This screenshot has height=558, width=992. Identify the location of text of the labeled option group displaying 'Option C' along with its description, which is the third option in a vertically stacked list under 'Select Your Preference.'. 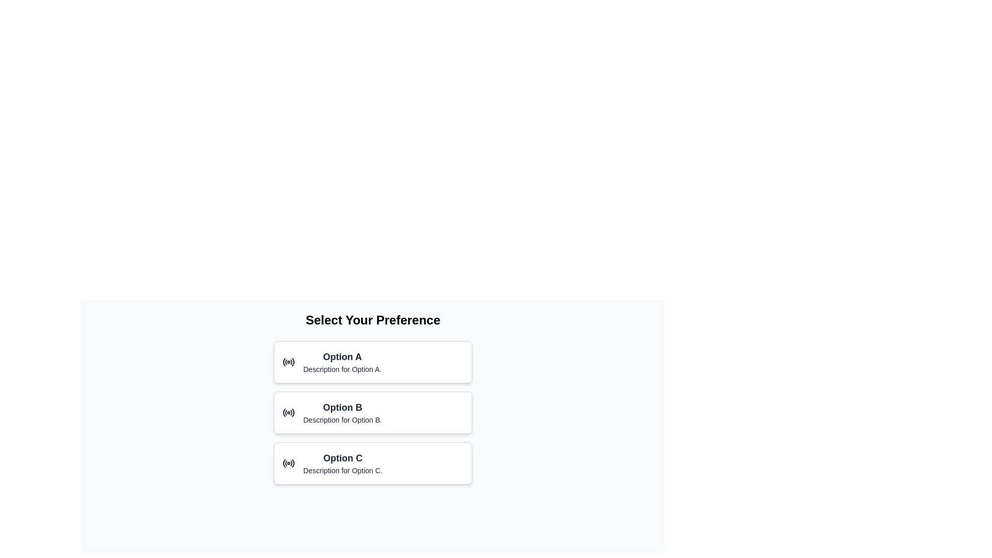
(343, 463).